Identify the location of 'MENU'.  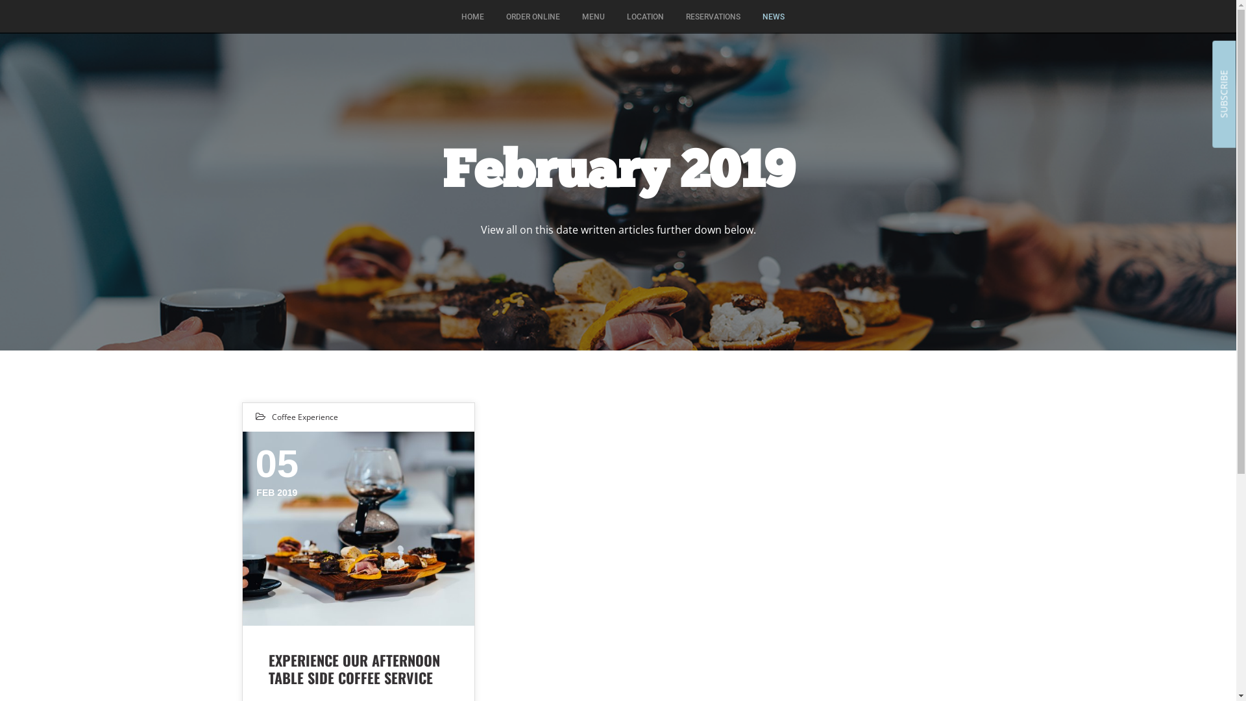
(592, 17).